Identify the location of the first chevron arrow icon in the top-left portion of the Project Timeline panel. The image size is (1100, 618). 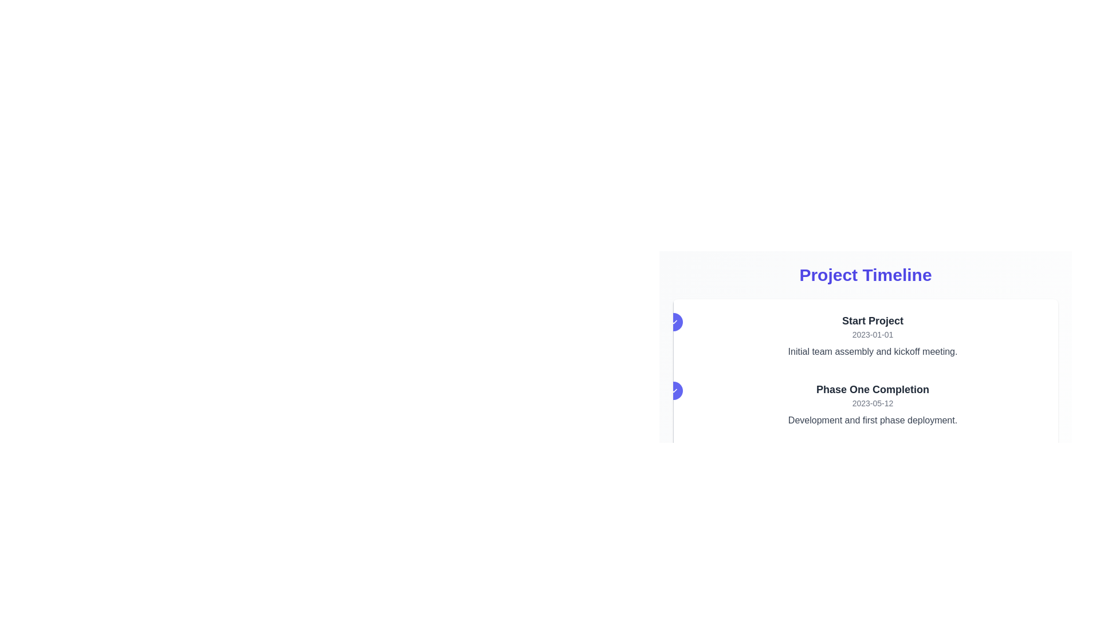
(674, 322).